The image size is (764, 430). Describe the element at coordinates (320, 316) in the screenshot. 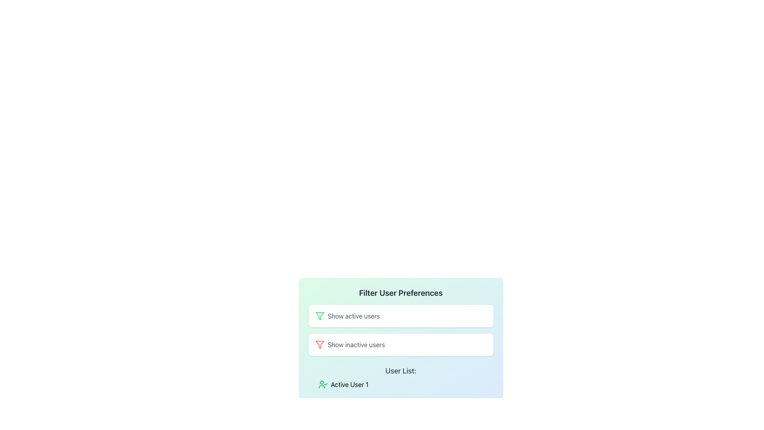

I see `the Decorative icon that symbolizes filtering functionality, located below the 'Show inactive users' grouping` at that location.